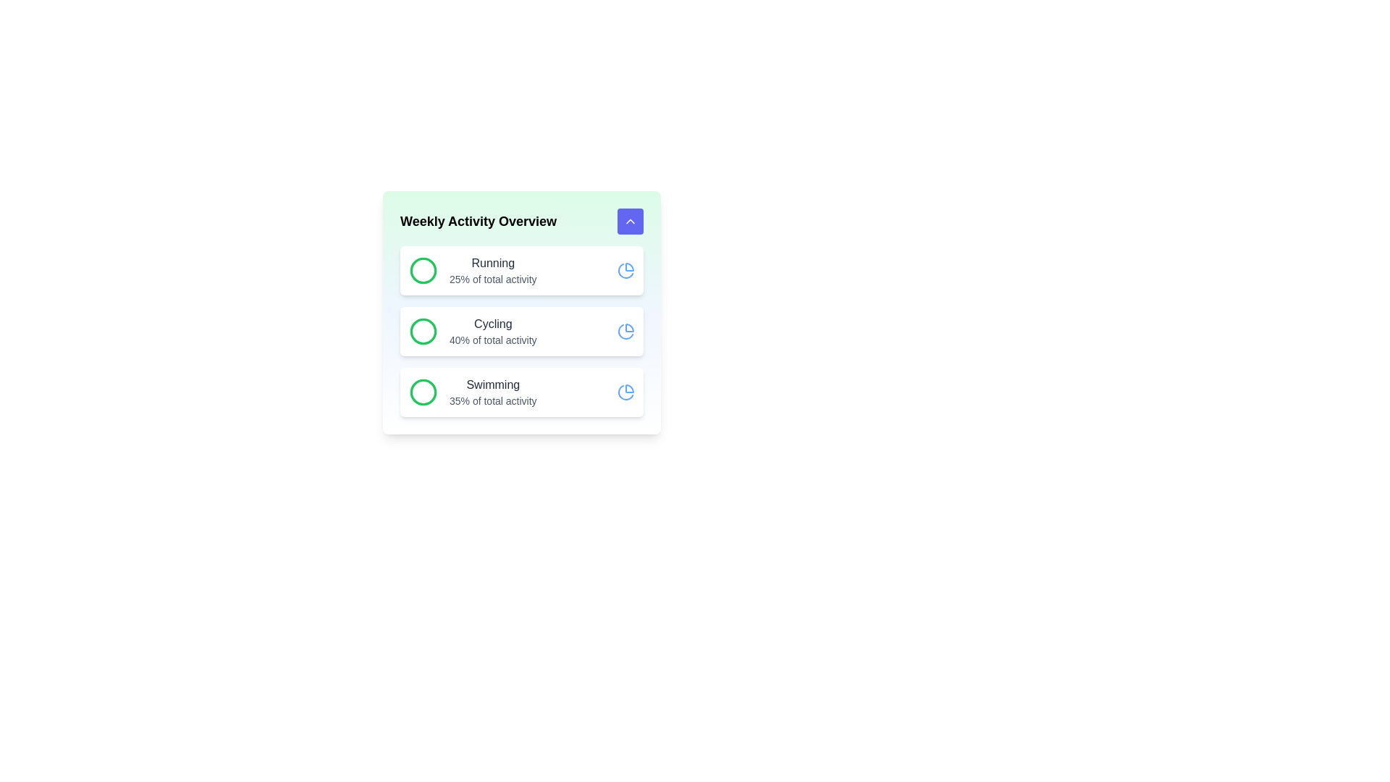 The width and height of the screenshot is (1390, 782). I want to click on the content of the first informational card in the 'Weekly Activity Overview' section, which displays 'Running' and '25% of total activity', so click(521, 271).